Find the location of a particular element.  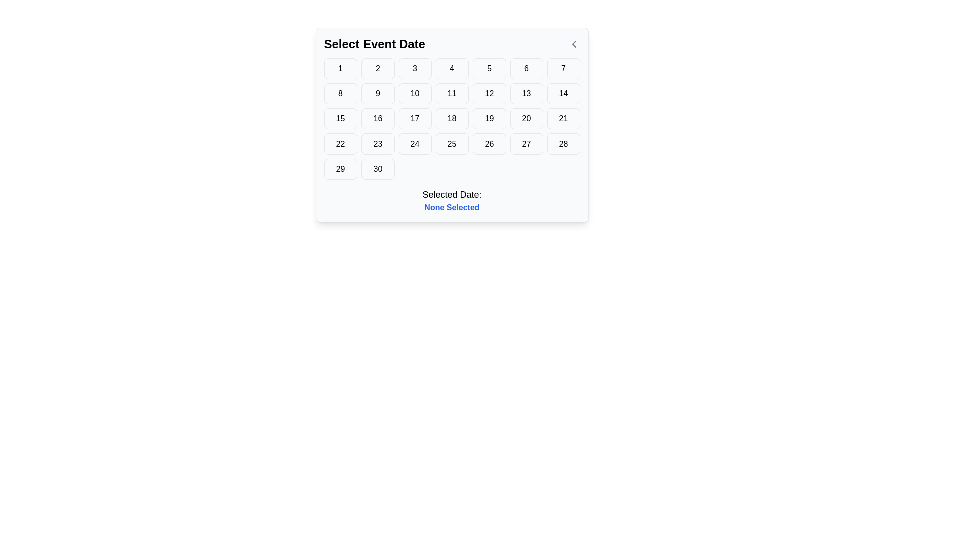

the button labeled '21' which is styled with a light gray background and located in the third row and seventh column of the calendar grid is located at coordinates (563, 118).